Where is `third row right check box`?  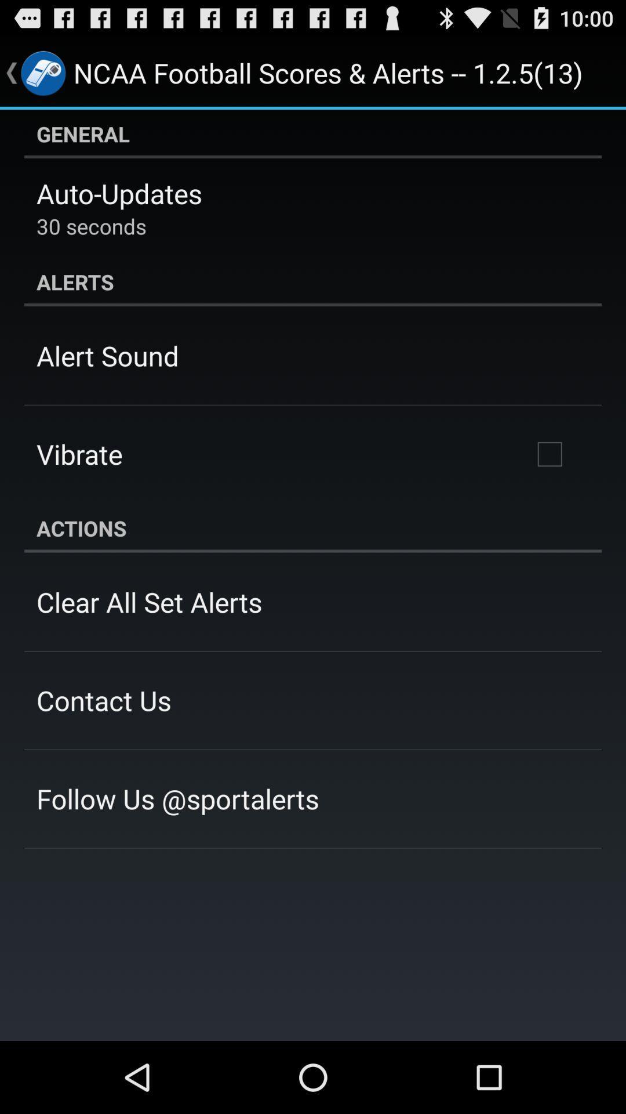 third row right check box is located at coordinates (549, 453).